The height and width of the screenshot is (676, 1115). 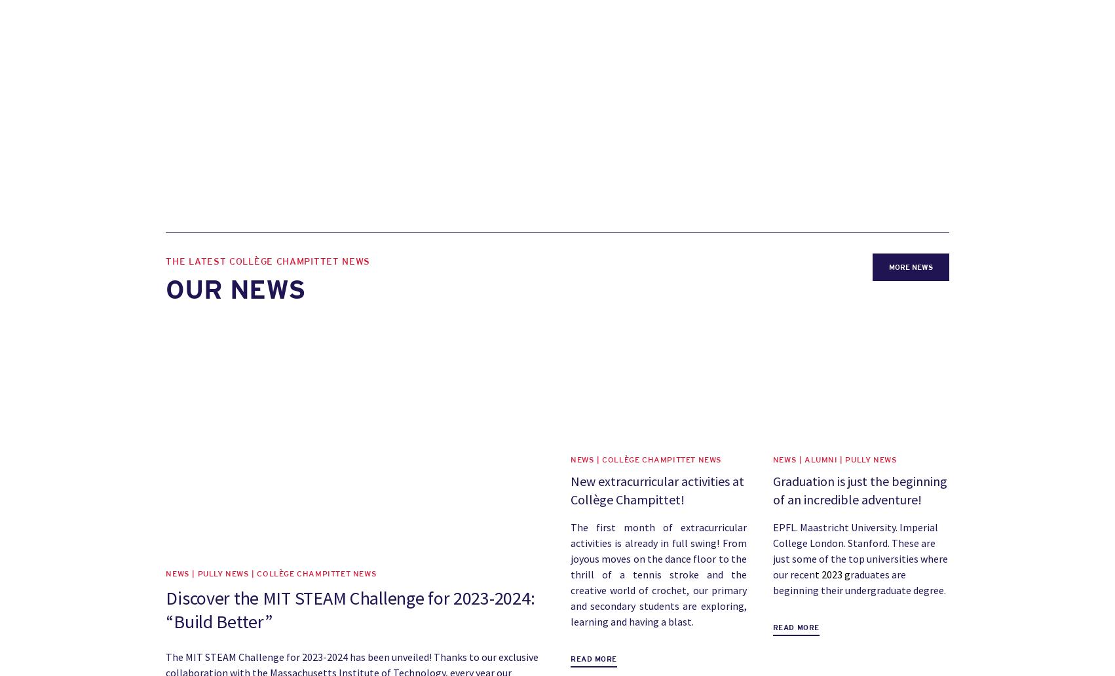 What do you see at coordinates (656, 489) in the screenshot?
I see `'New extracurricular activities at Collège Champittet!'` at bounding box center [656, 489].